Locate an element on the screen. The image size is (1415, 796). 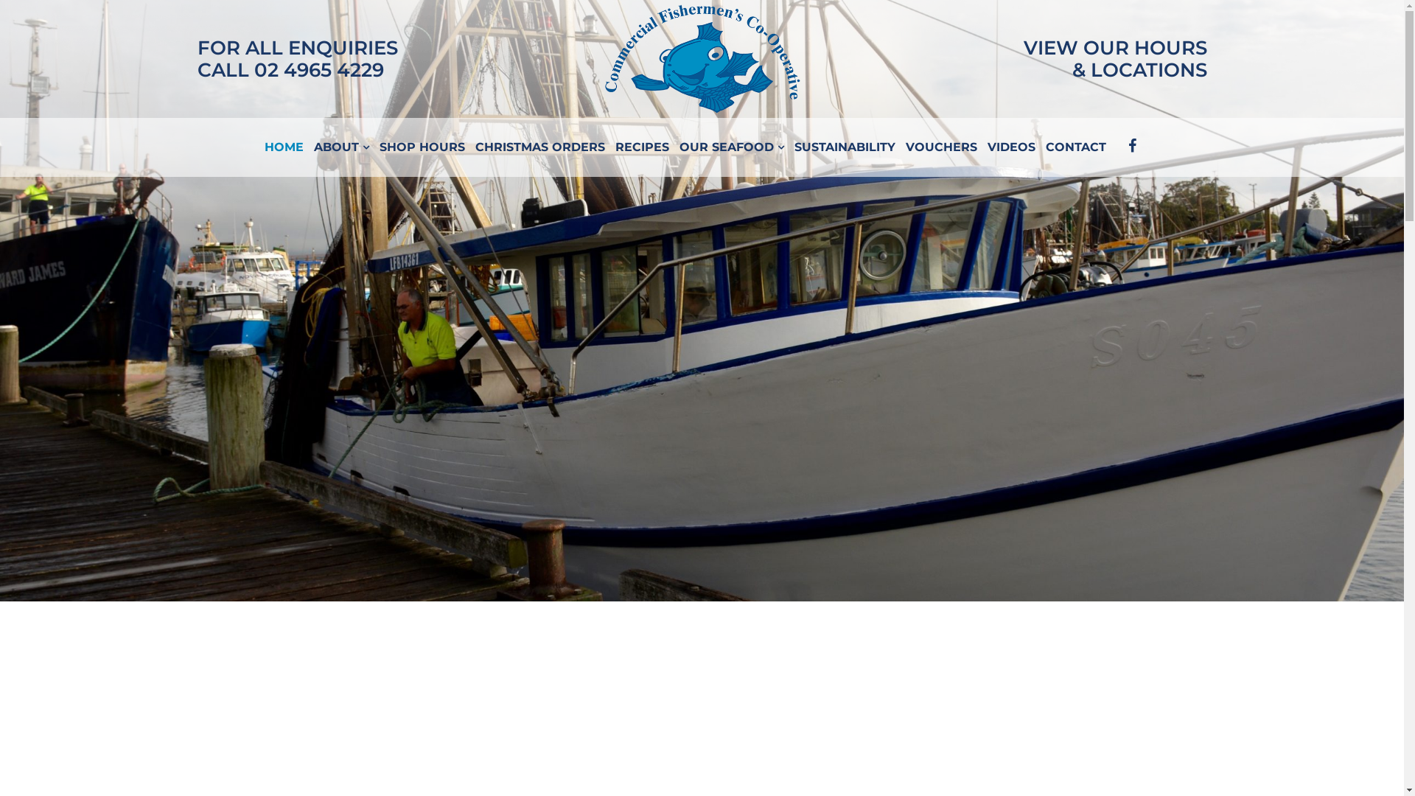
'CONTACT' is located at coordinates (1075, 147).